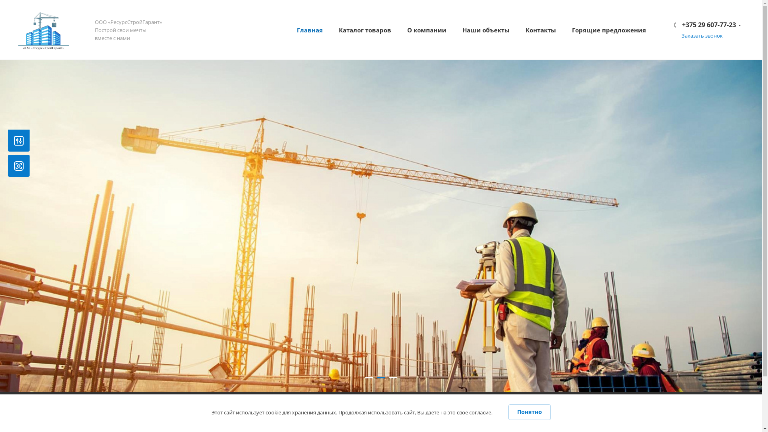  What do you see at coordinates (393, 378) in the screenshot?
I see `'3'` at bounding box center [393, 378].